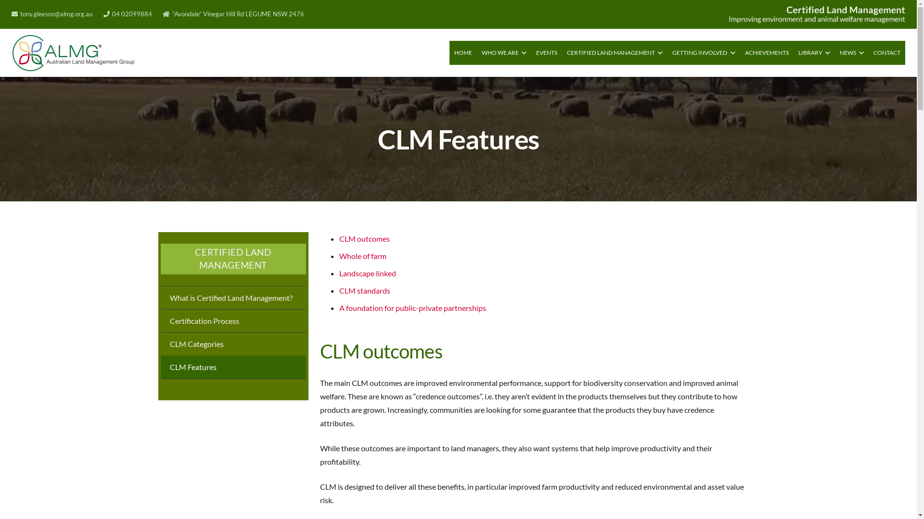 The width and height of the screenshot is (924, 519). I want to click on 'tony.gleeson@almg.org.au', so click(51, 14).